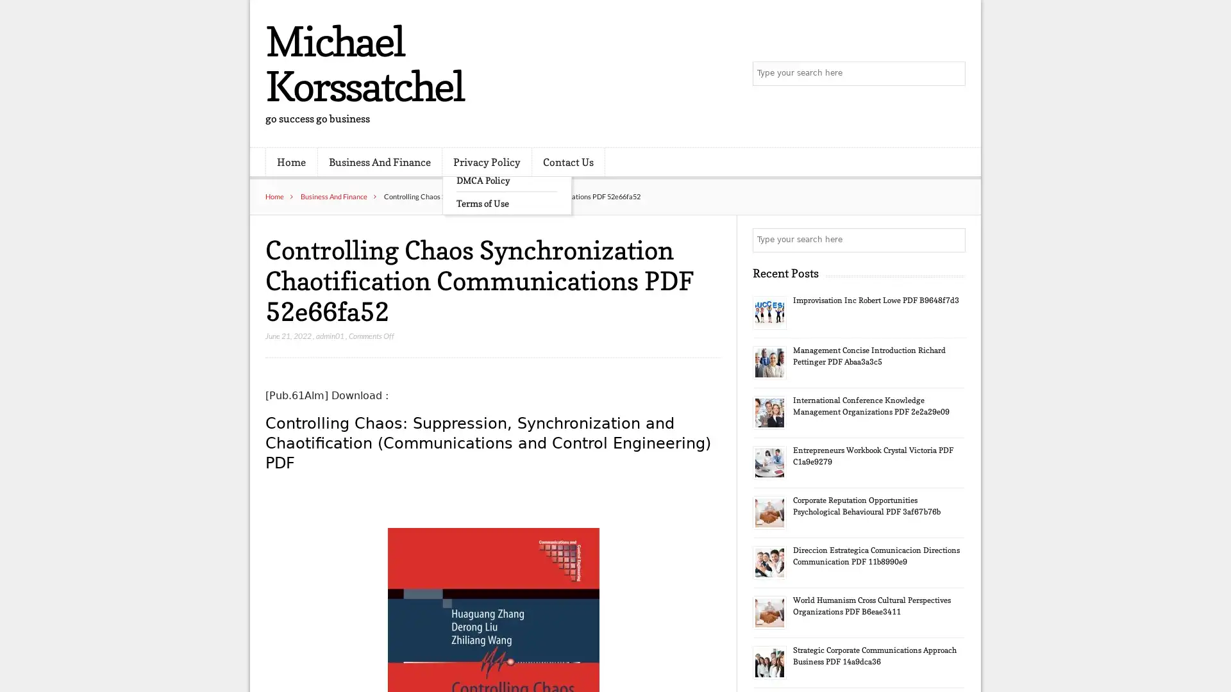 This screenshot has width=1231, height=692. What do you see at coordinates (952, 240) in the screenshot?
I see `Search` at bounding box center [952, 240].